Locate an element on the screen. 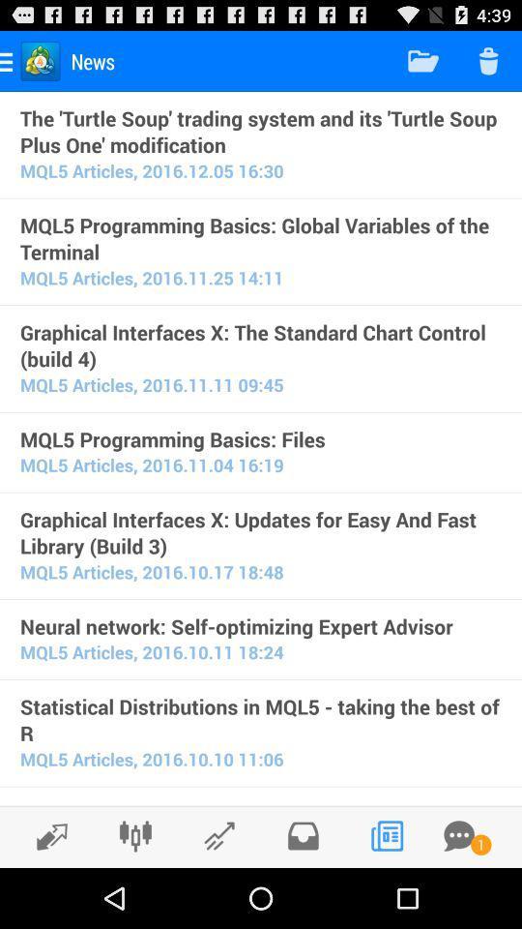  the edit icon is located at coordinates (46, 895).